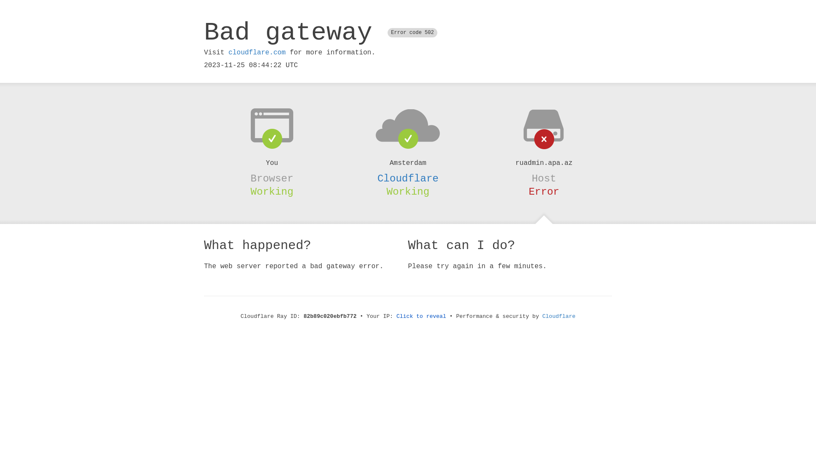 The width and height of the screenshot is (816, 459). I want to click on 'cloudflare.com', so click(256, 52).